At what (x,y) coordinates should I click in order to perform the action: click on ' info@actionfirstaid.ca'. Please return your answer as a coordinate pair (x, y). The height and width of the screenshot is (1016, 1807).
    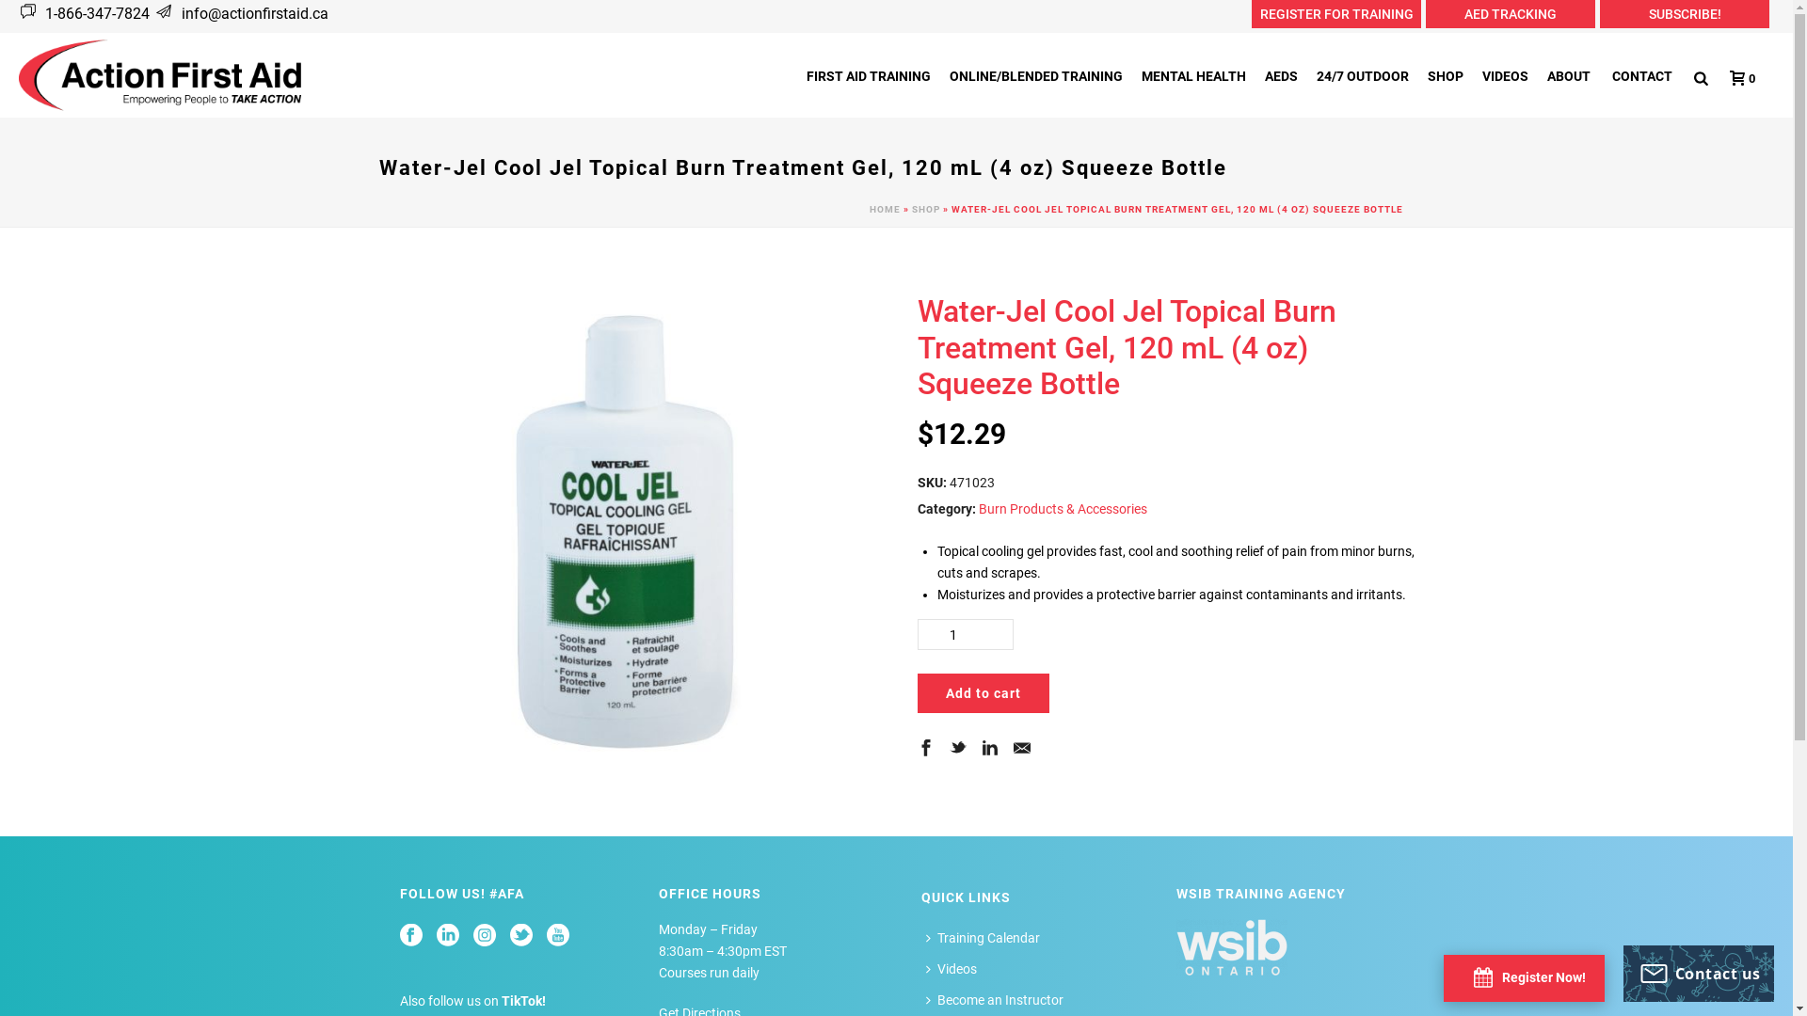
    Looking at the image, I should click on (177, 13).